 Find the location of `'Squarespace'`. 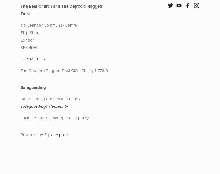

'Squarespace' is located at coordinates (56, 134).